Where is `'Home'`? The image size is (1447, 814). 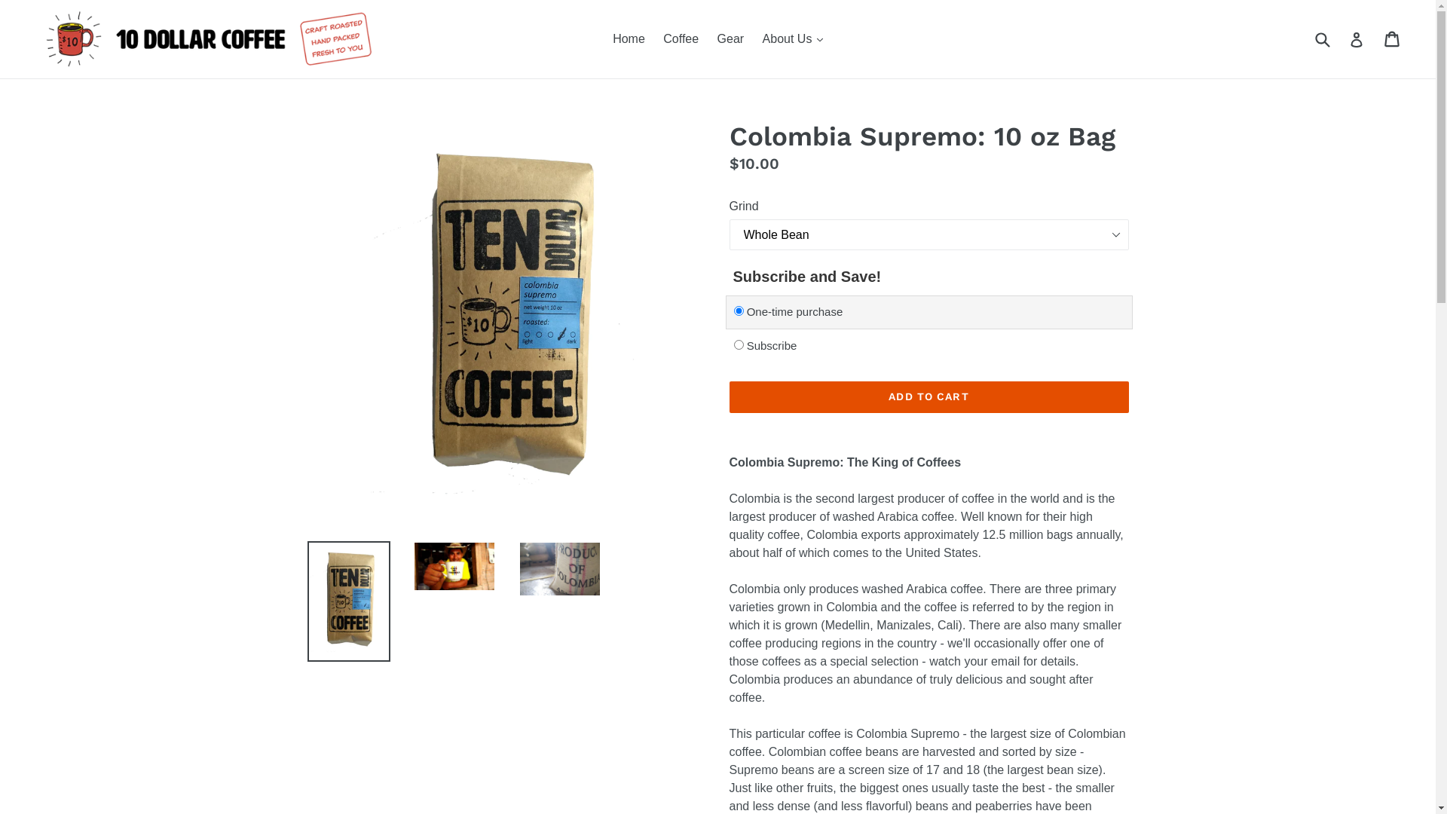 'Home' is located at coordinates (604, 38).